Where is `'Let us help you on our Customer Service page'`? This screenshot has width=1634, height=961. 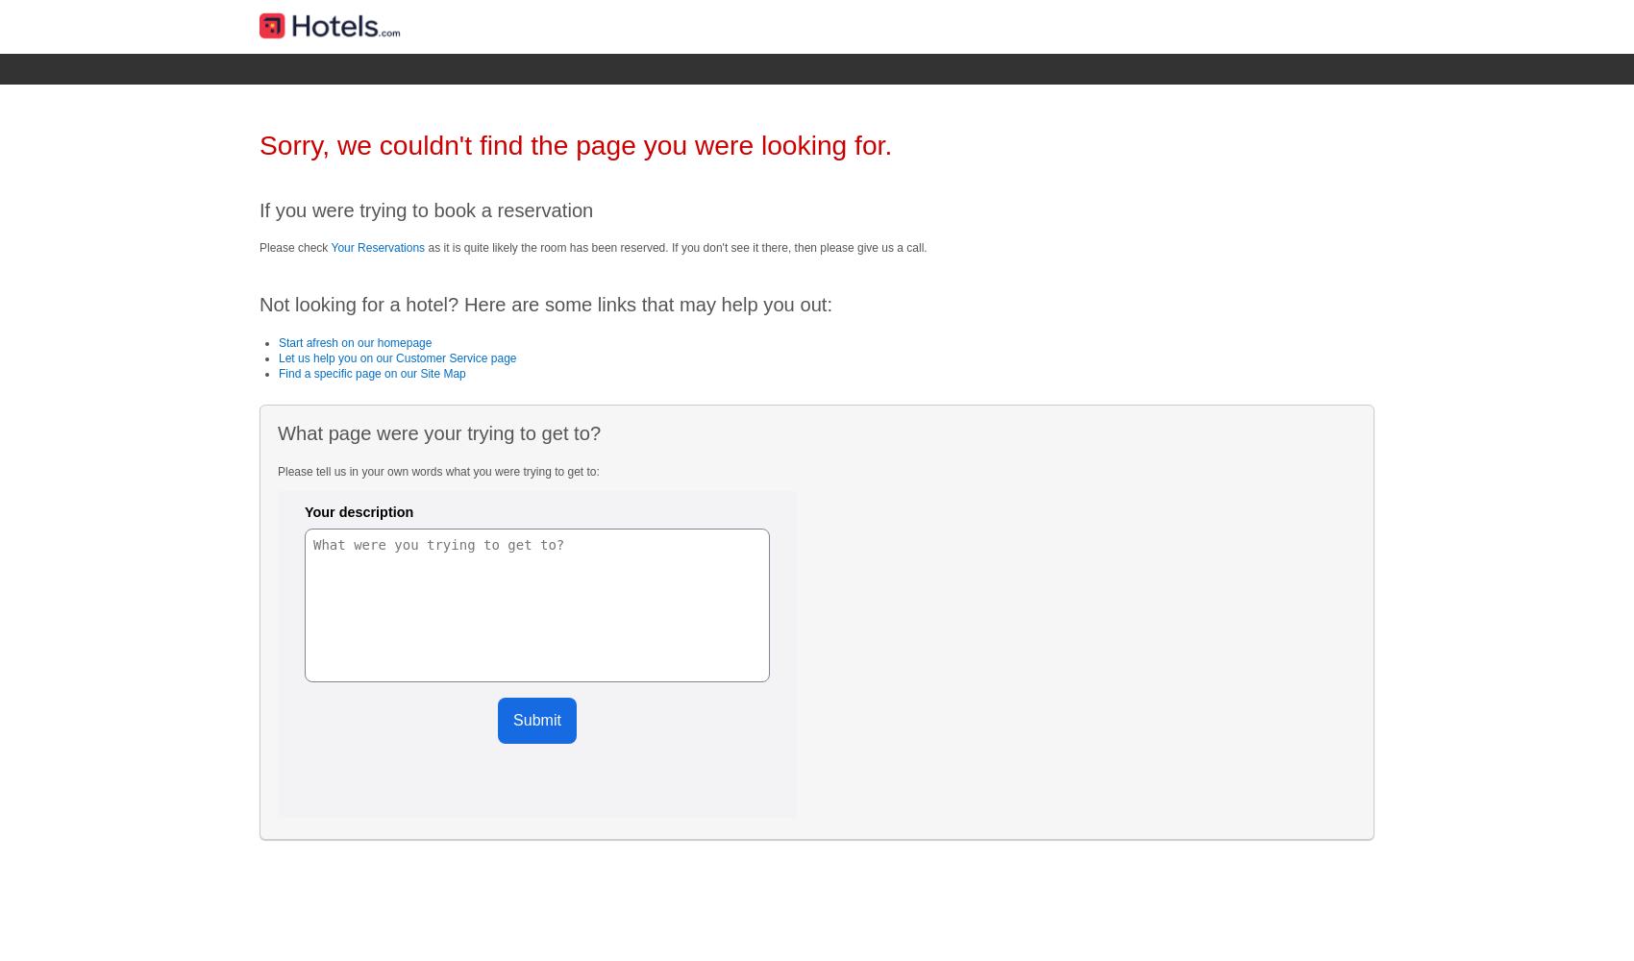
'Let us help you on our Customer Service page' is located at coordinates (396, 357).